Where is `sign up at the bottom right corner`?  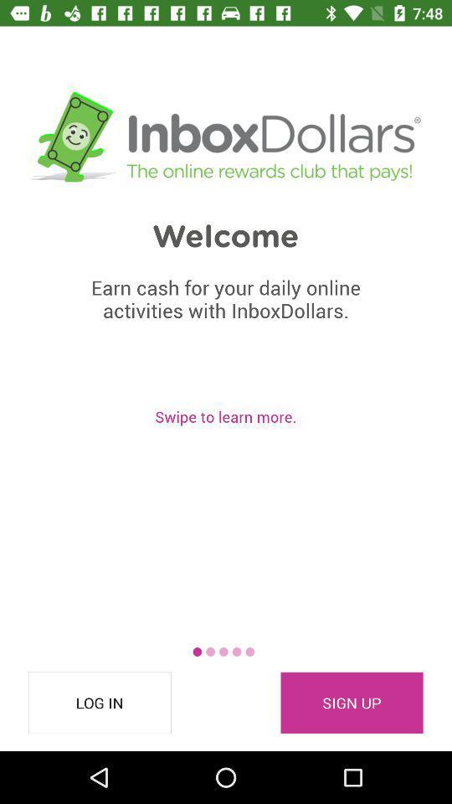 sign up at the bottom right corner is located at coordinates (351, 703).